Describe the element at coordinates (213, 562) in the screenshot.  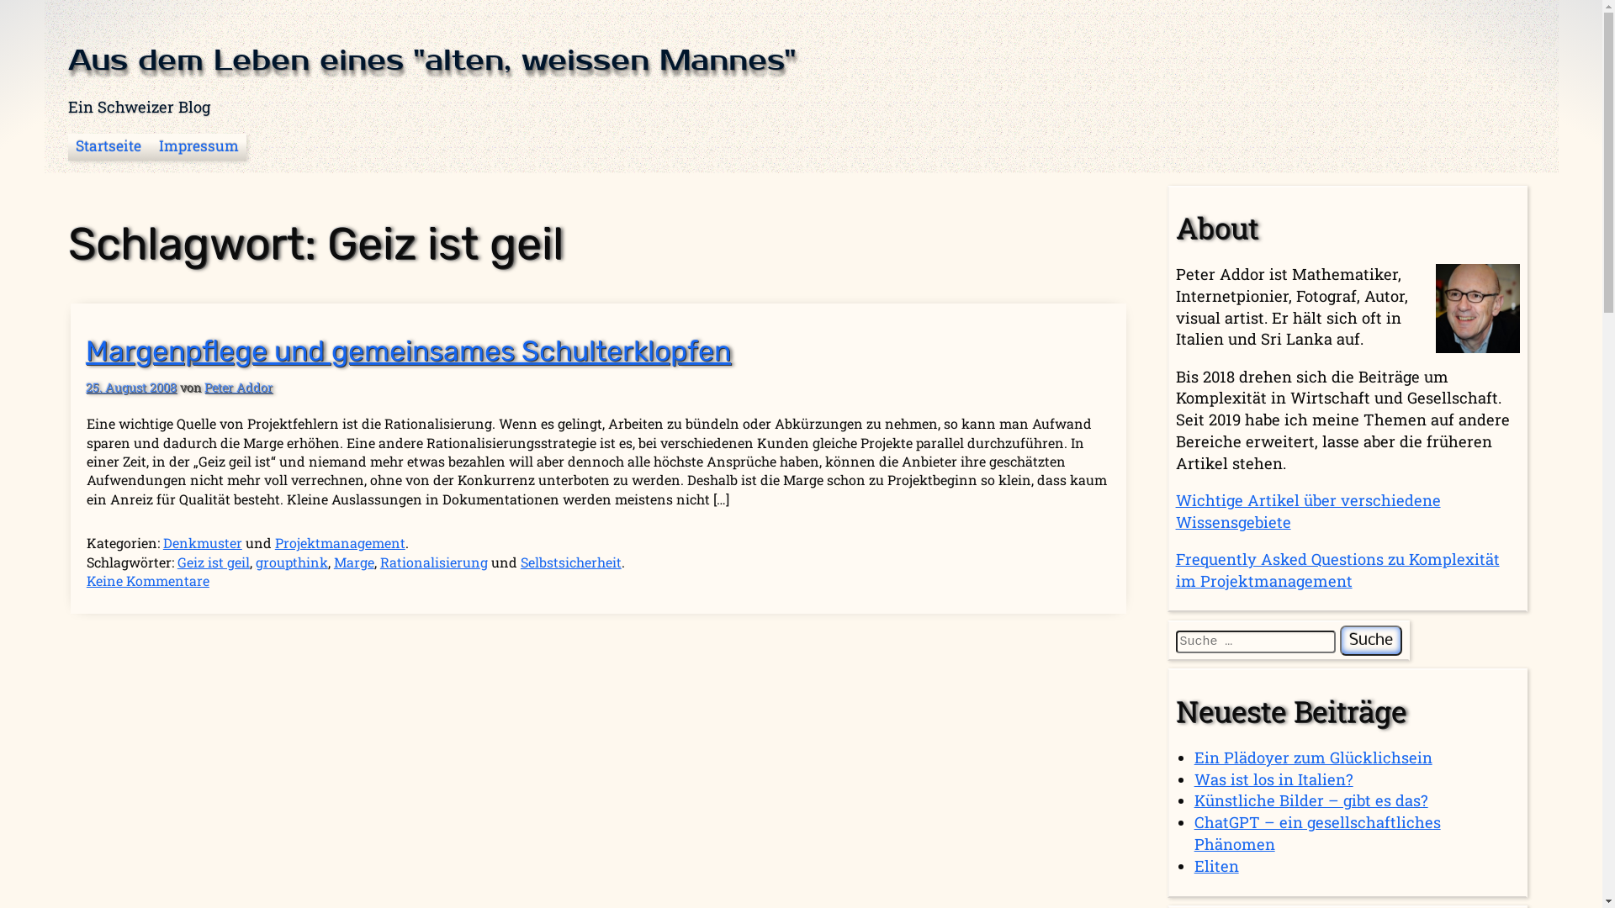
I see `'Geiz ist geil'` at that location.